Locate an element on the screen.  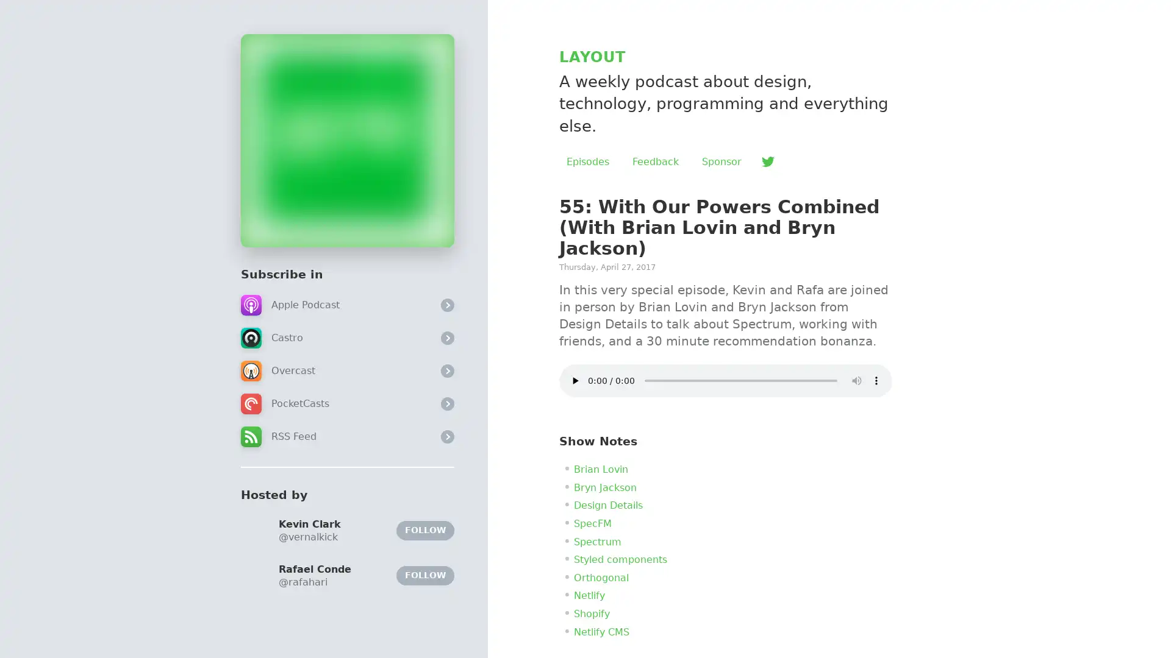
mute is located at coordinates (856, 380).